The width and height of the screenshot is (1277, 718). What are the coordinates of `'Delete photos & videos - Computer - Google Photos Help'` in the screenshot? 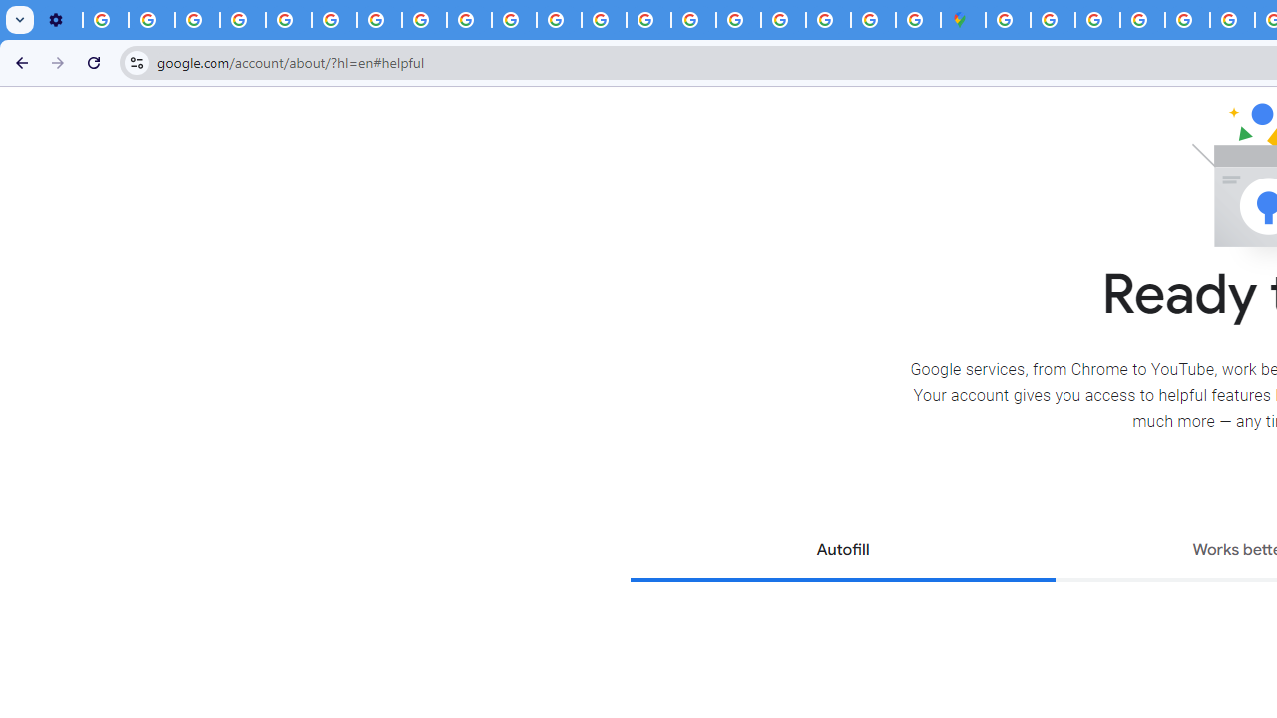 It's located at (105, 20).